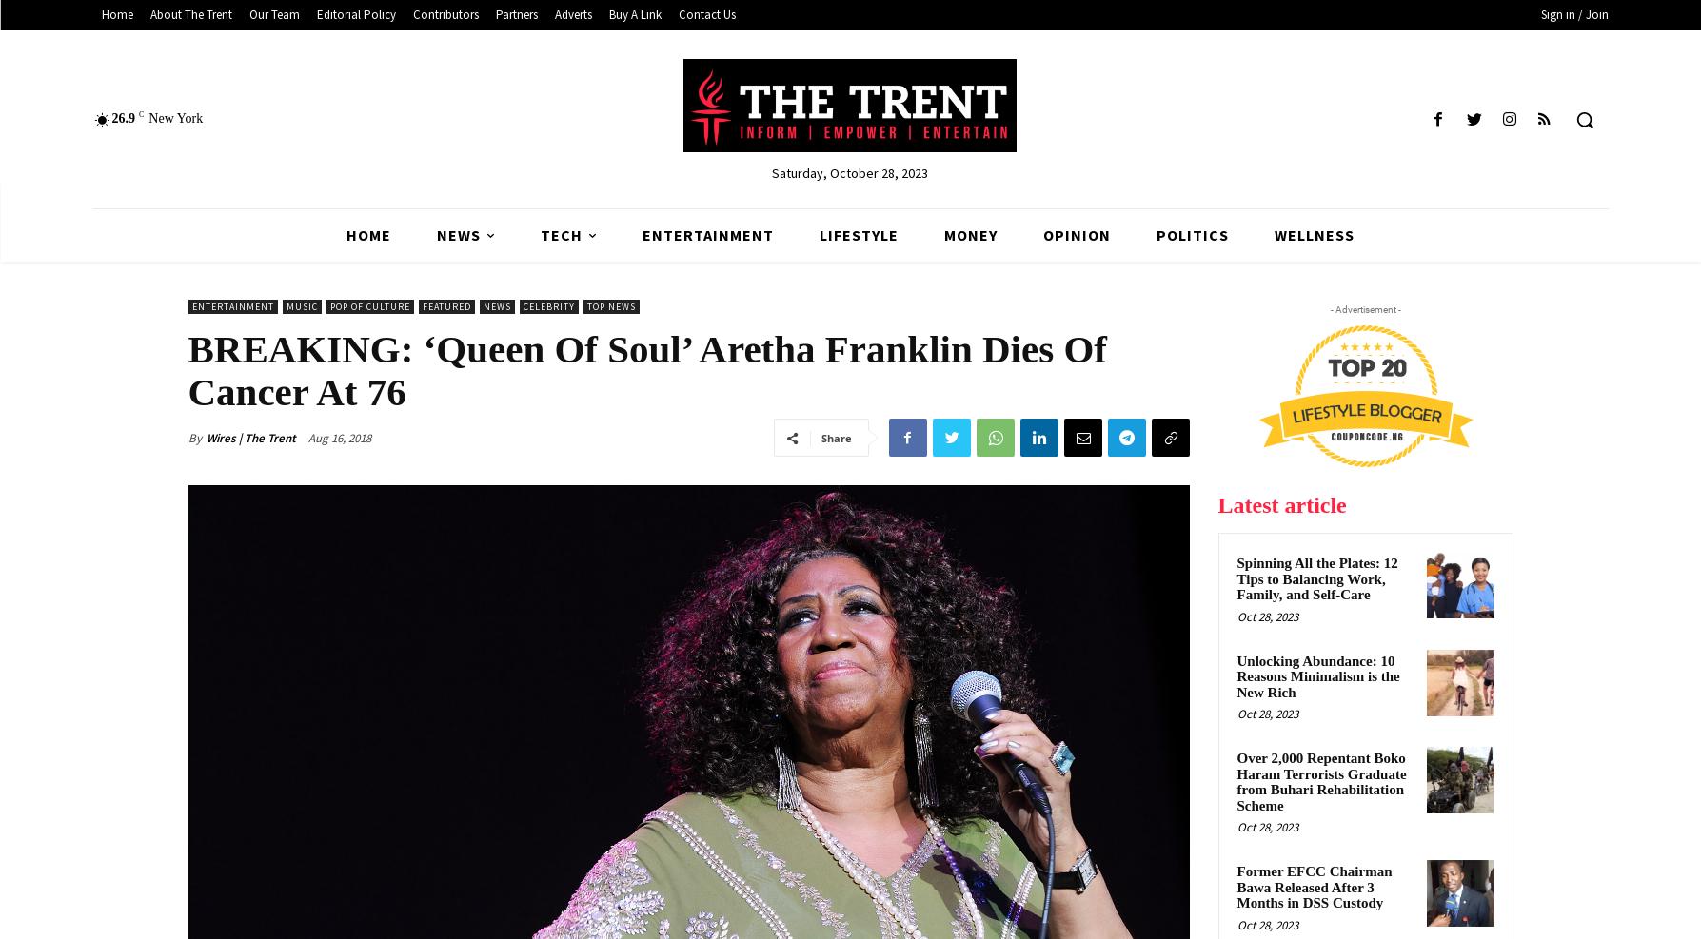 The height and width of the screenshot is (939, 1701). What do you see at coordinates (1042, 235) in the screenshot?
I see `'Opinion'` at bounding box center [1042, 235].